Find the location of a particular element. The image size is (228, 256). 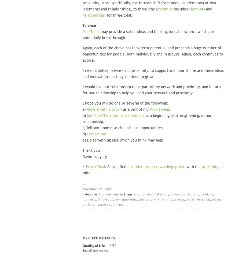

'all my scores' is located at coordinates (88, 251).